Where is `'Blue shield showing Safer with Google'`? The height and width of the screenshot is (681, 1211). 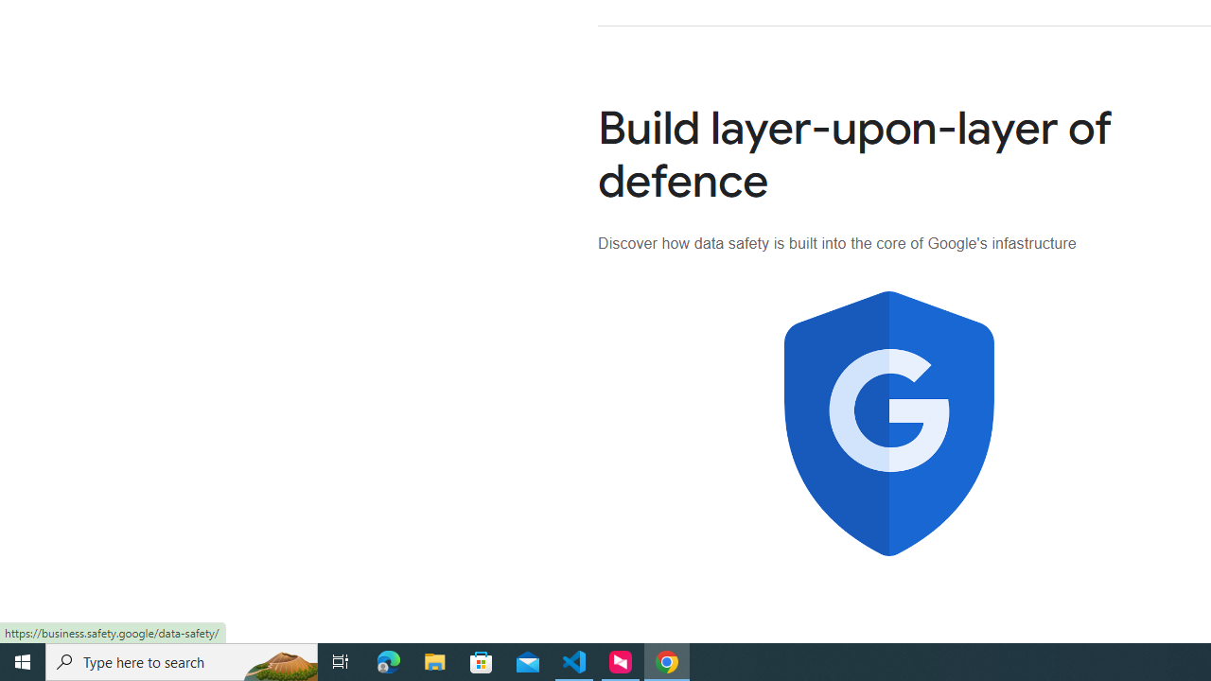
'Blue shield showing Safer with Google' is located at coordinates (888, 423).